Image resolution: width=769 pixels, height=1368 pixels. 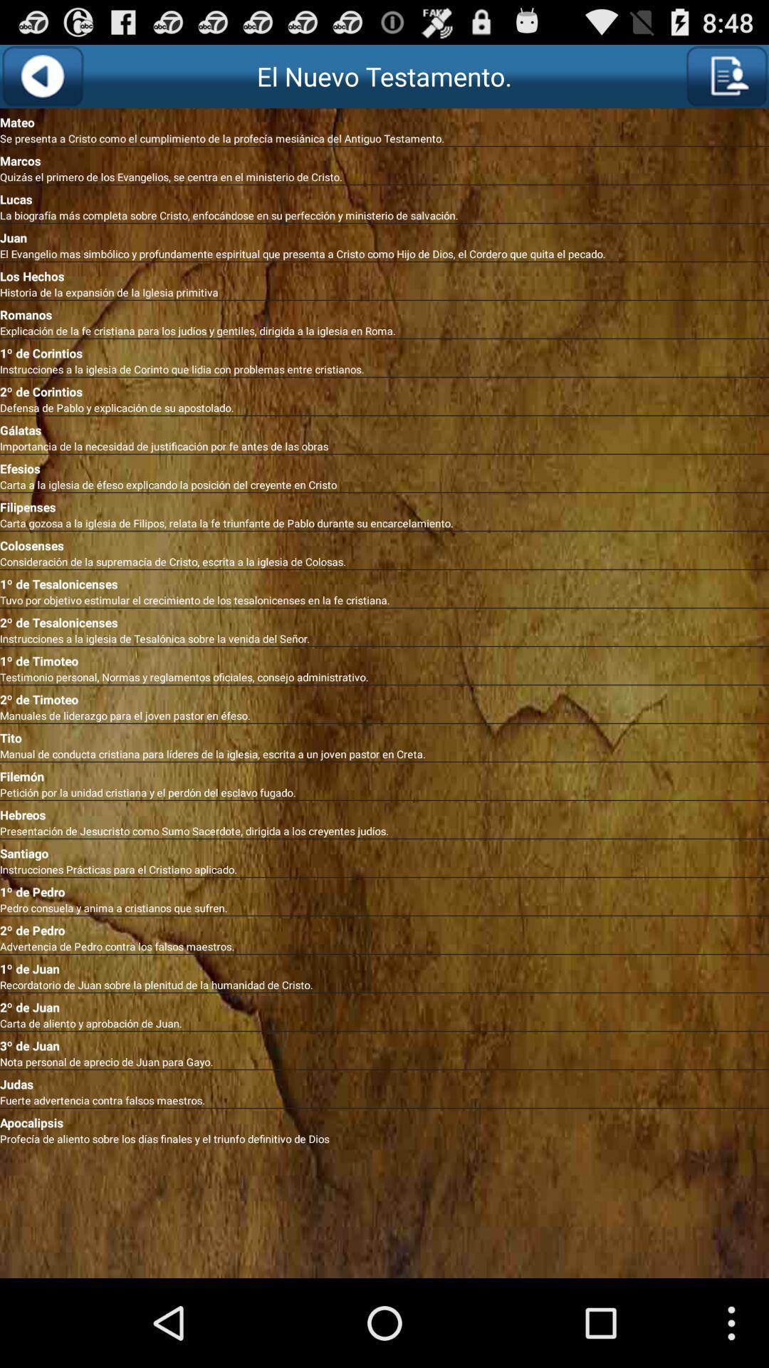 I want to click on the tito, so click(x=384, y=735).